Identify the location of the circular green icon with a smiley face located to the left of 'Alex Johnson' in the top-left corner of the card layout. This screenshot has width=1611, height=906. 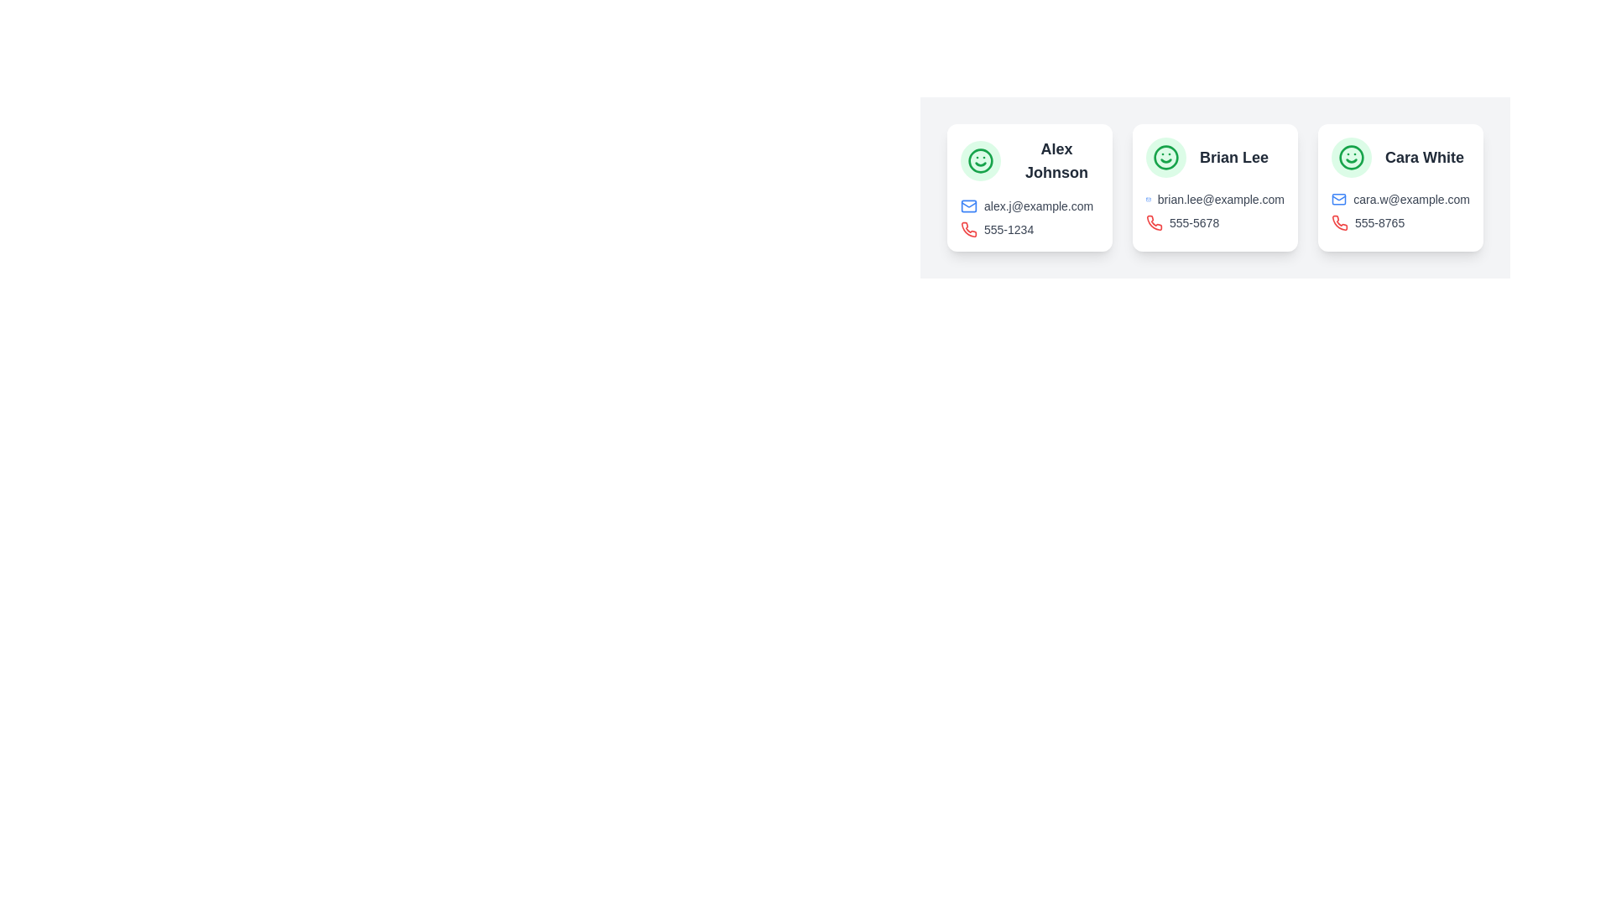
(981, 161).